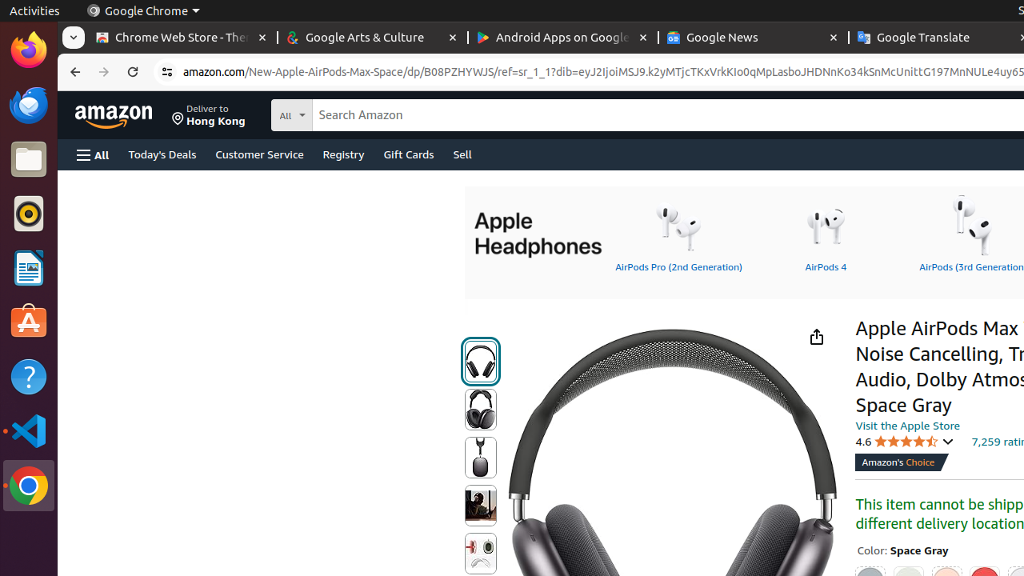  I want to click on 'Google Chrome', so click(142, 10).